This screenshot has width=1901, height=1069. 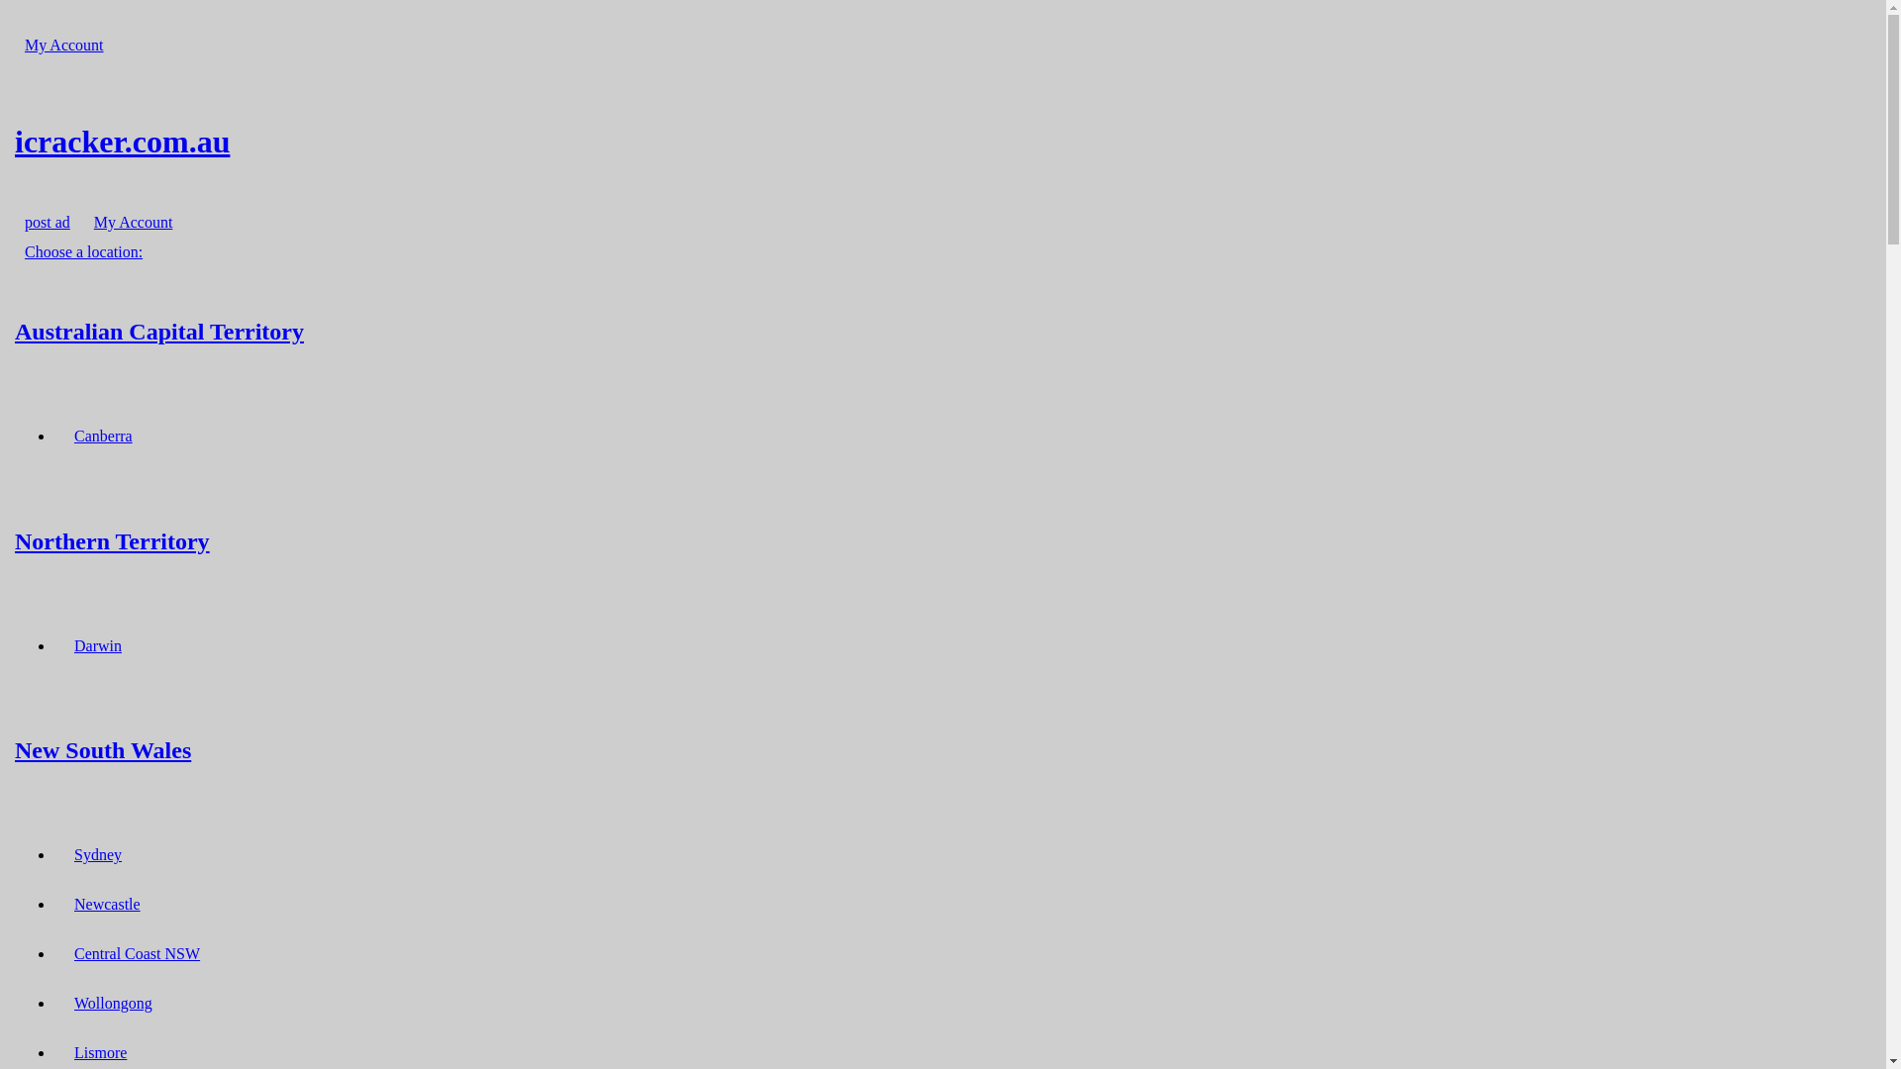 I want to click on 'Sydney', so click(x=97, y=853).